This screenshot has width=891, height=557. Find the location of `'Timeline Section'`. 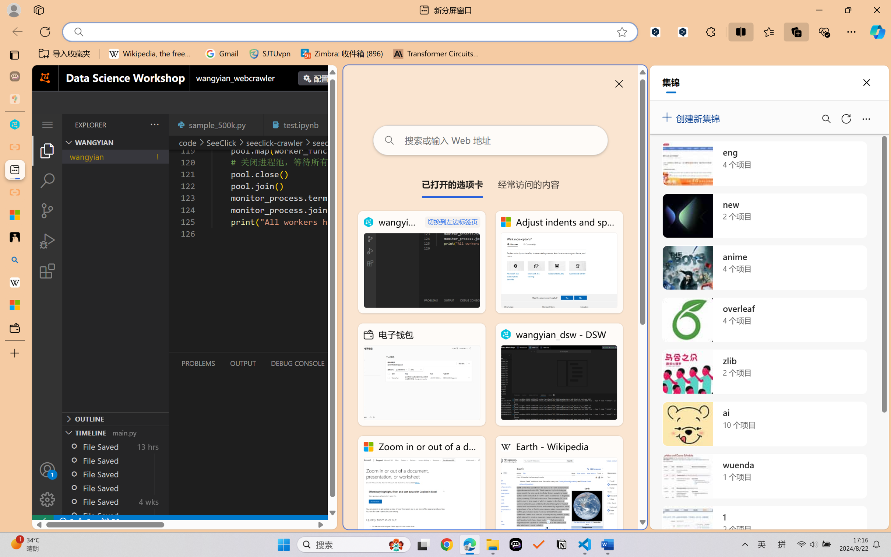

'Timeline Section' is located at coordinates (115, 432).